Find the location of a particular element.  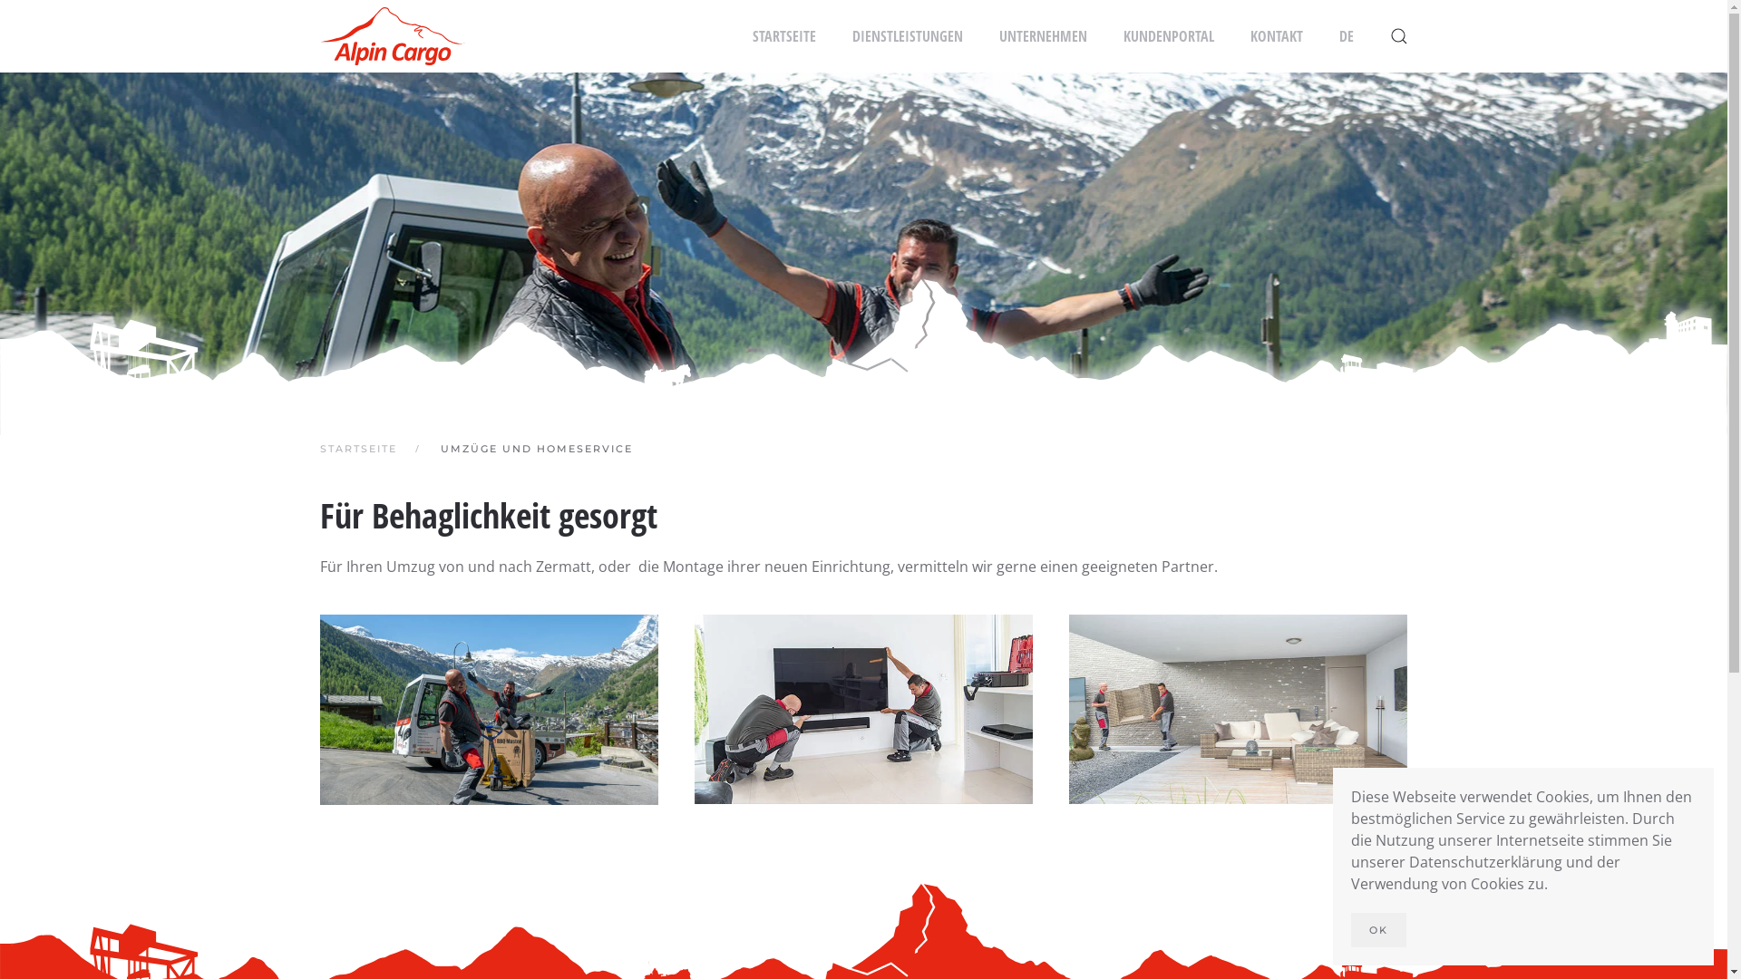

'DE' is located at coordinates (1345, 35).